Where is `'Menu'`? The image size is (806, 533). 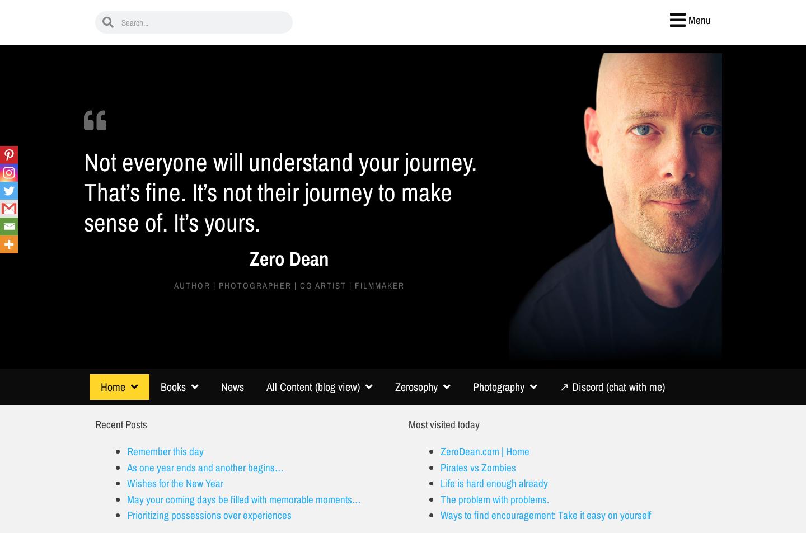 'Menu' is located at coordinates (699, 18).